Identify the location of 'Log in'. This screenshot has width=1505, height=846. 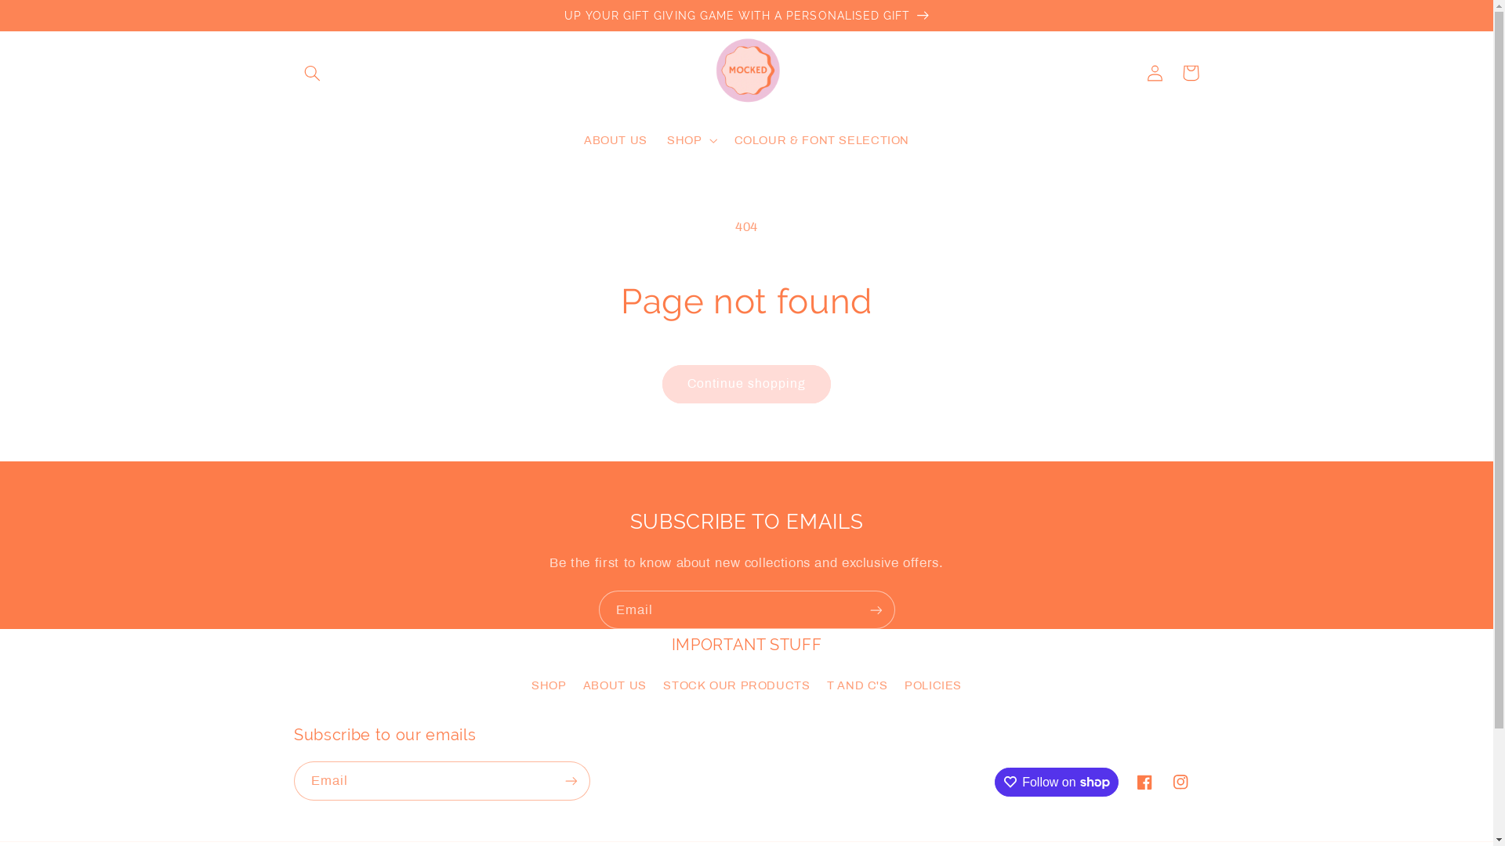
(1136, 72).